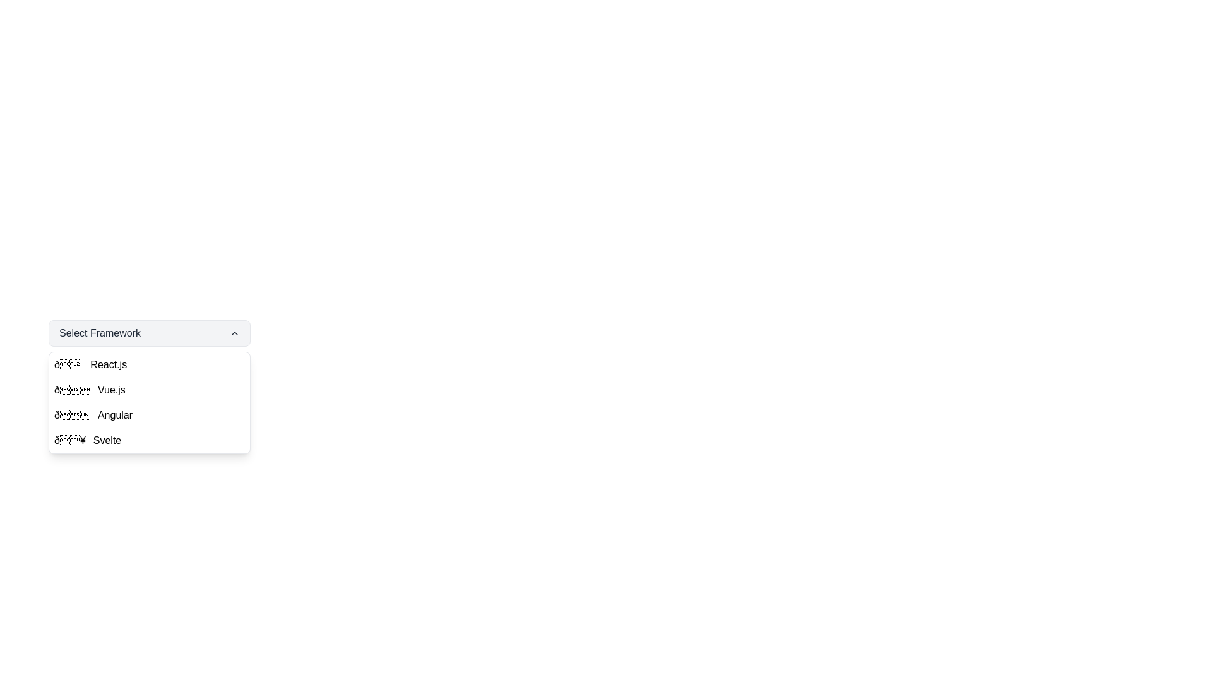 Image resolution: width=1212 pixels, height=682 pixels. Describe the element at coordinates (235, 333) in the screenshot. I see `the icon at the far-right side of the dropdown header box that signifies the collapsed state of the dropdown menu` at that location.